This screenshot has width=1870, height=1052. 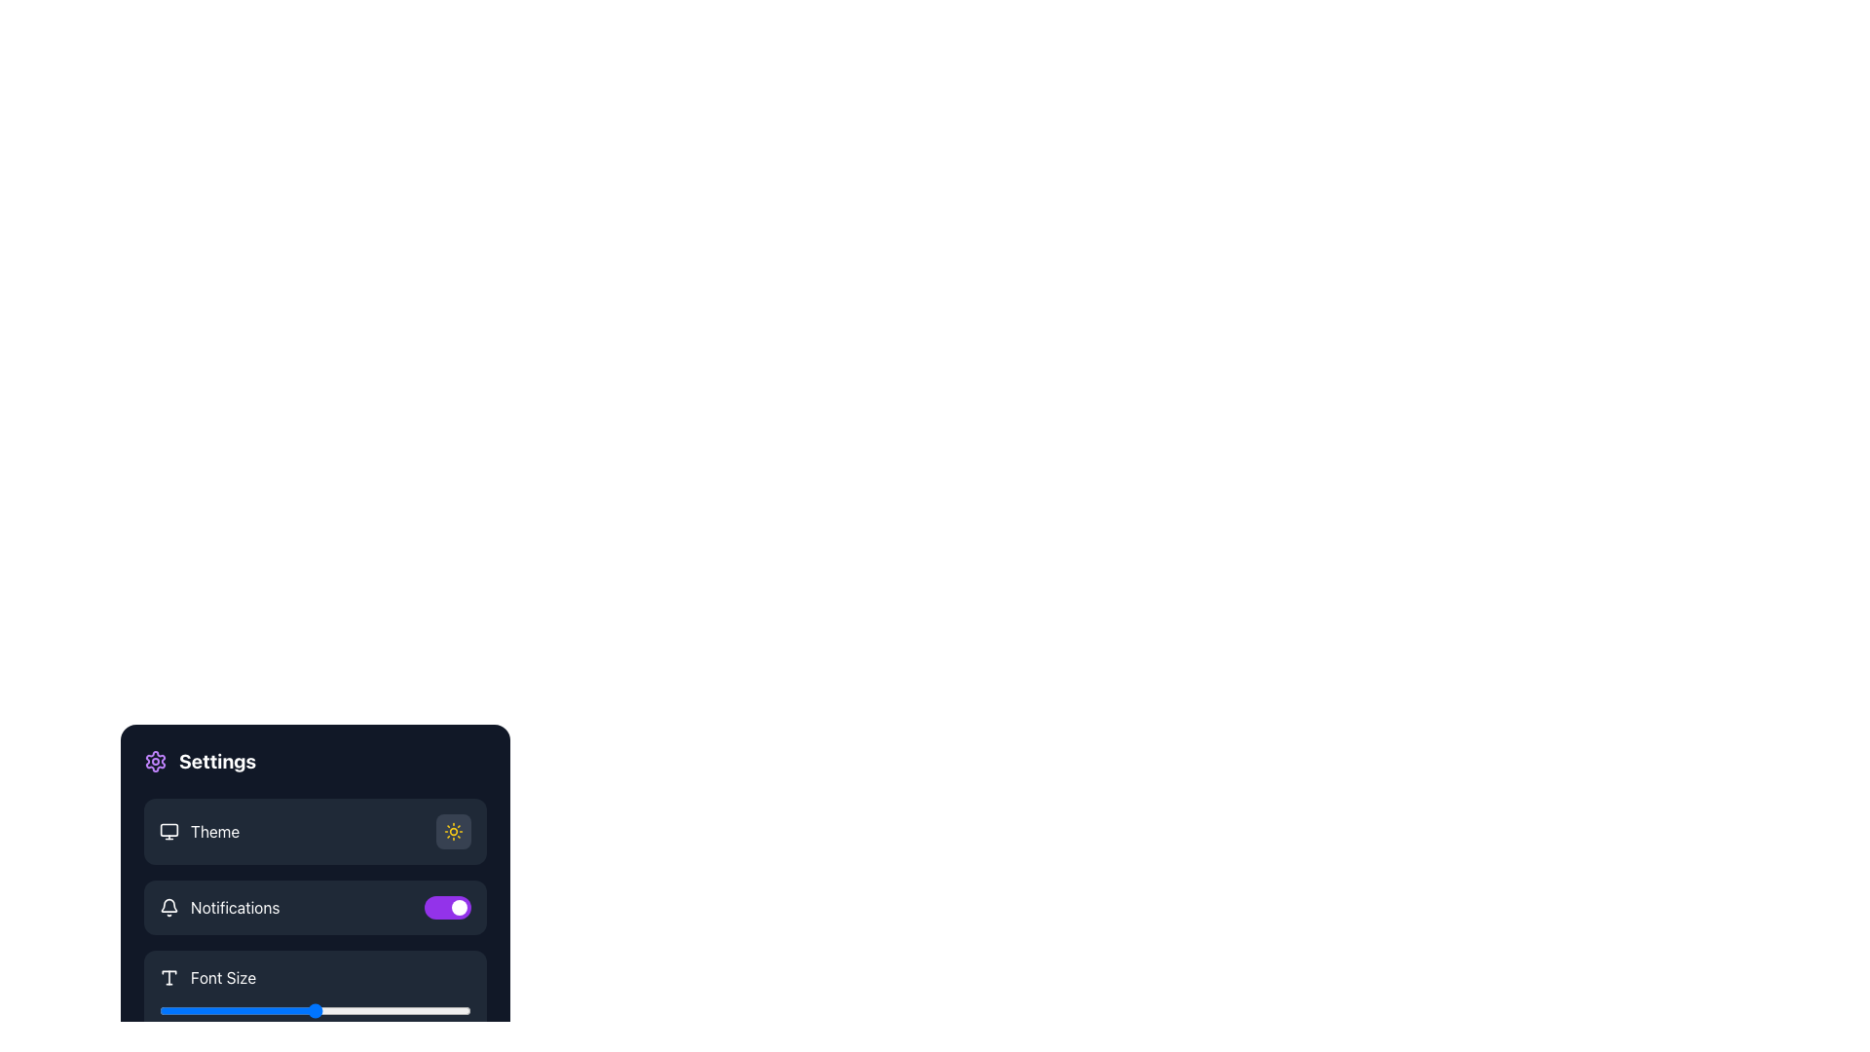 What do you see at coordinates (234, 908) in the screenshot?
I see `the label that provides context for the notifications toggle switch in the Settings view, located below the Theme option and to the right of the bell icon` at bounding box center [234, 908].